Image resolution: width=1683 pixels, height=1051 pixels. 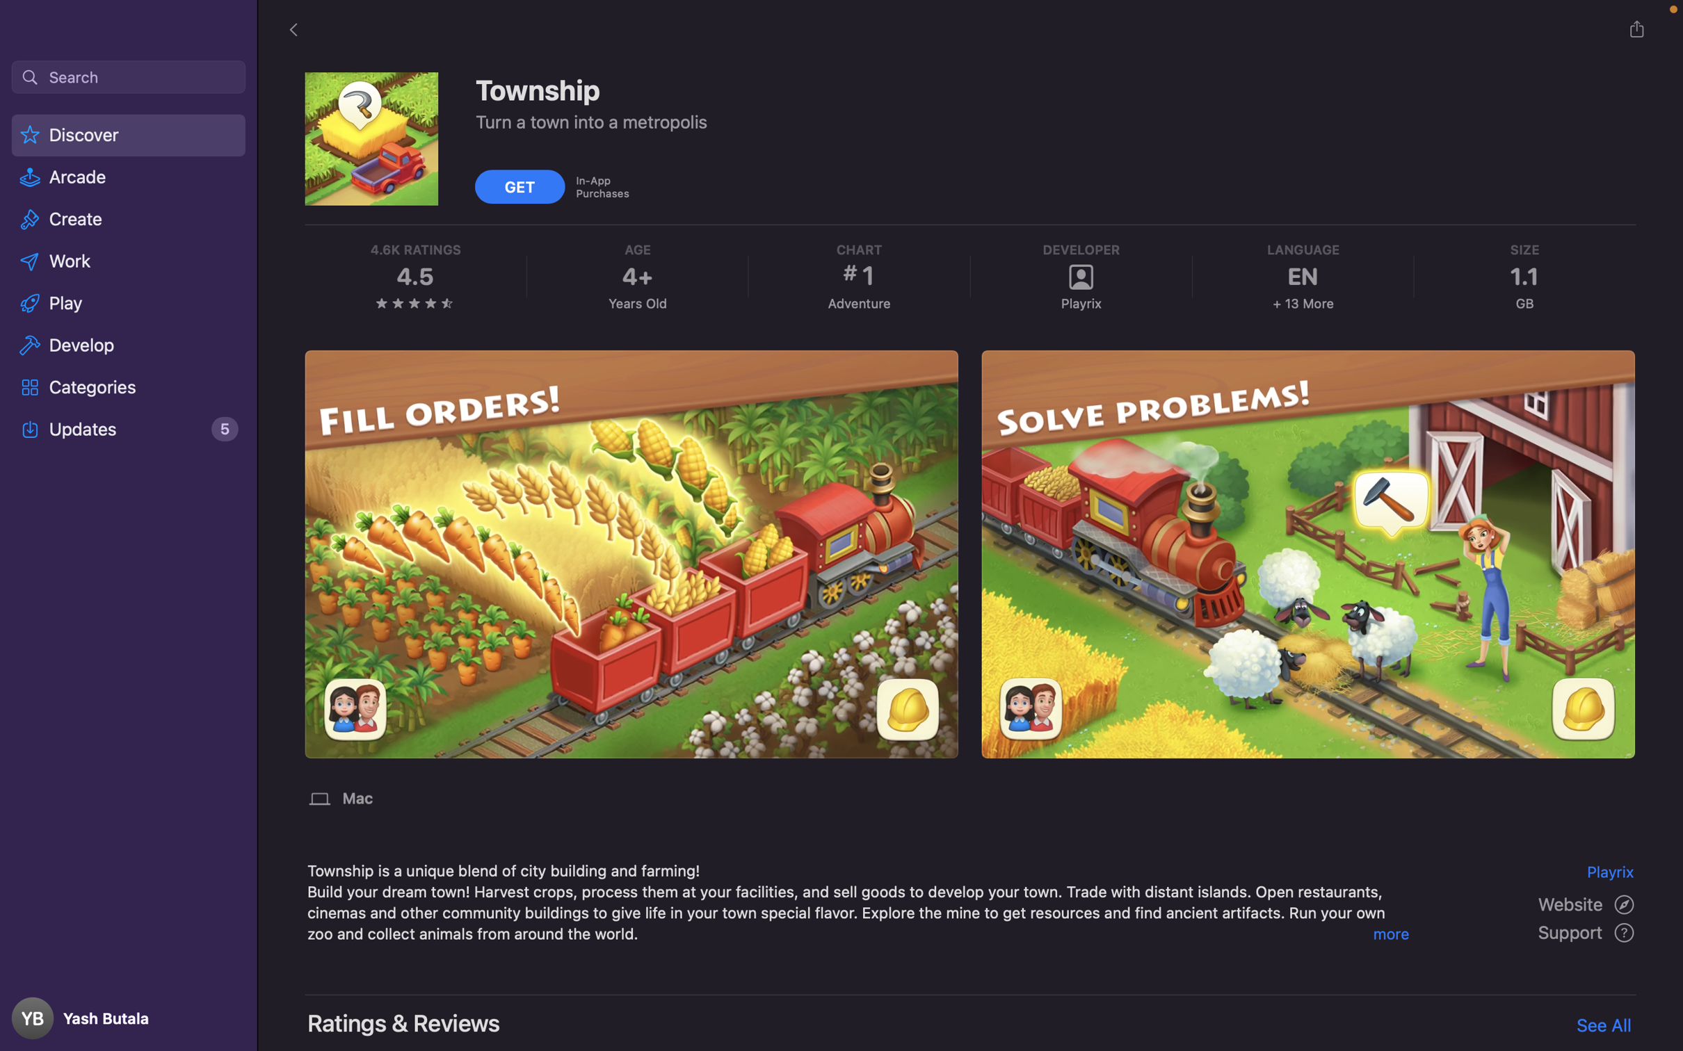 I want to click on the web platform for the application, so click(x=1588, y=903).